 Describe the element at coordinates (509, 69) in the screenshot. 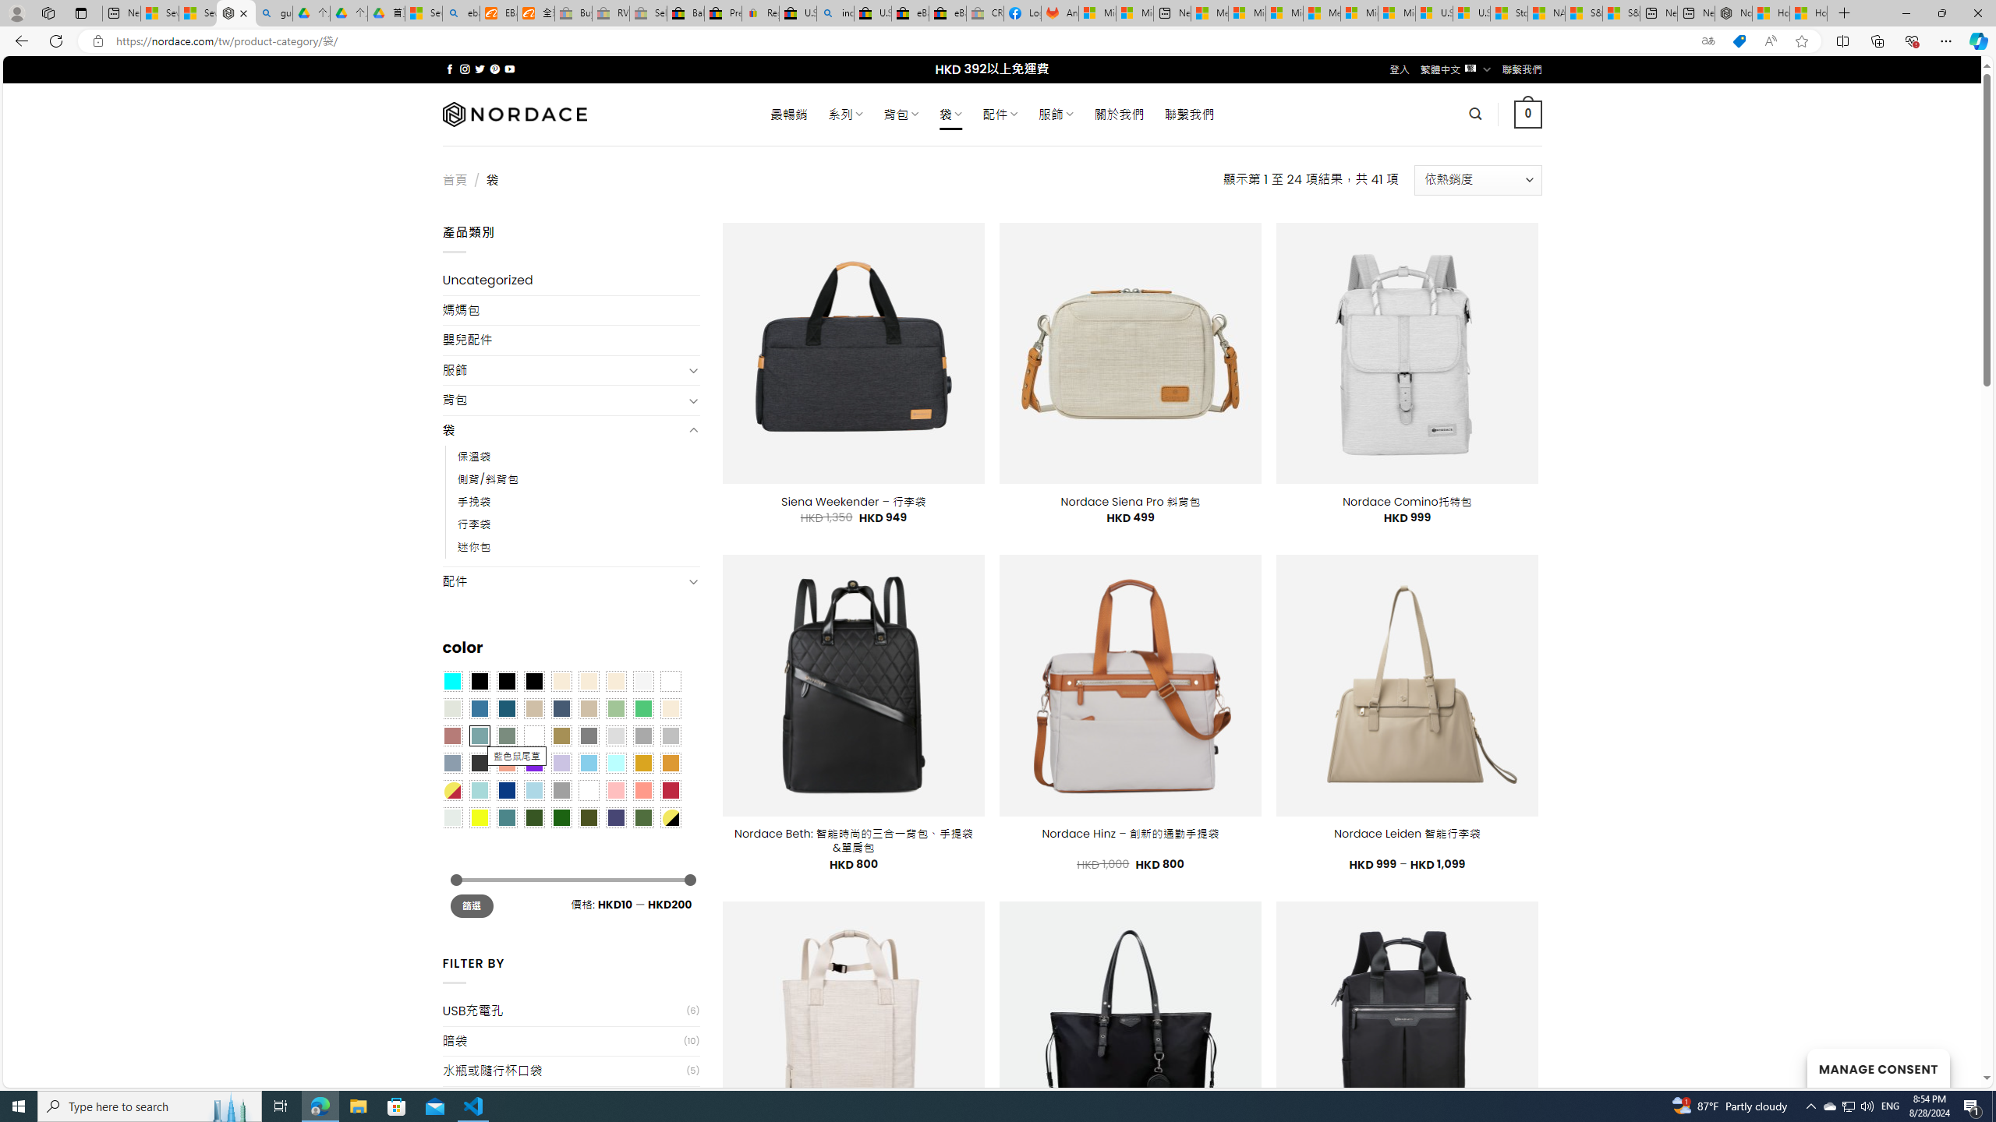

I see `'Follow on YouTube'` at that location.